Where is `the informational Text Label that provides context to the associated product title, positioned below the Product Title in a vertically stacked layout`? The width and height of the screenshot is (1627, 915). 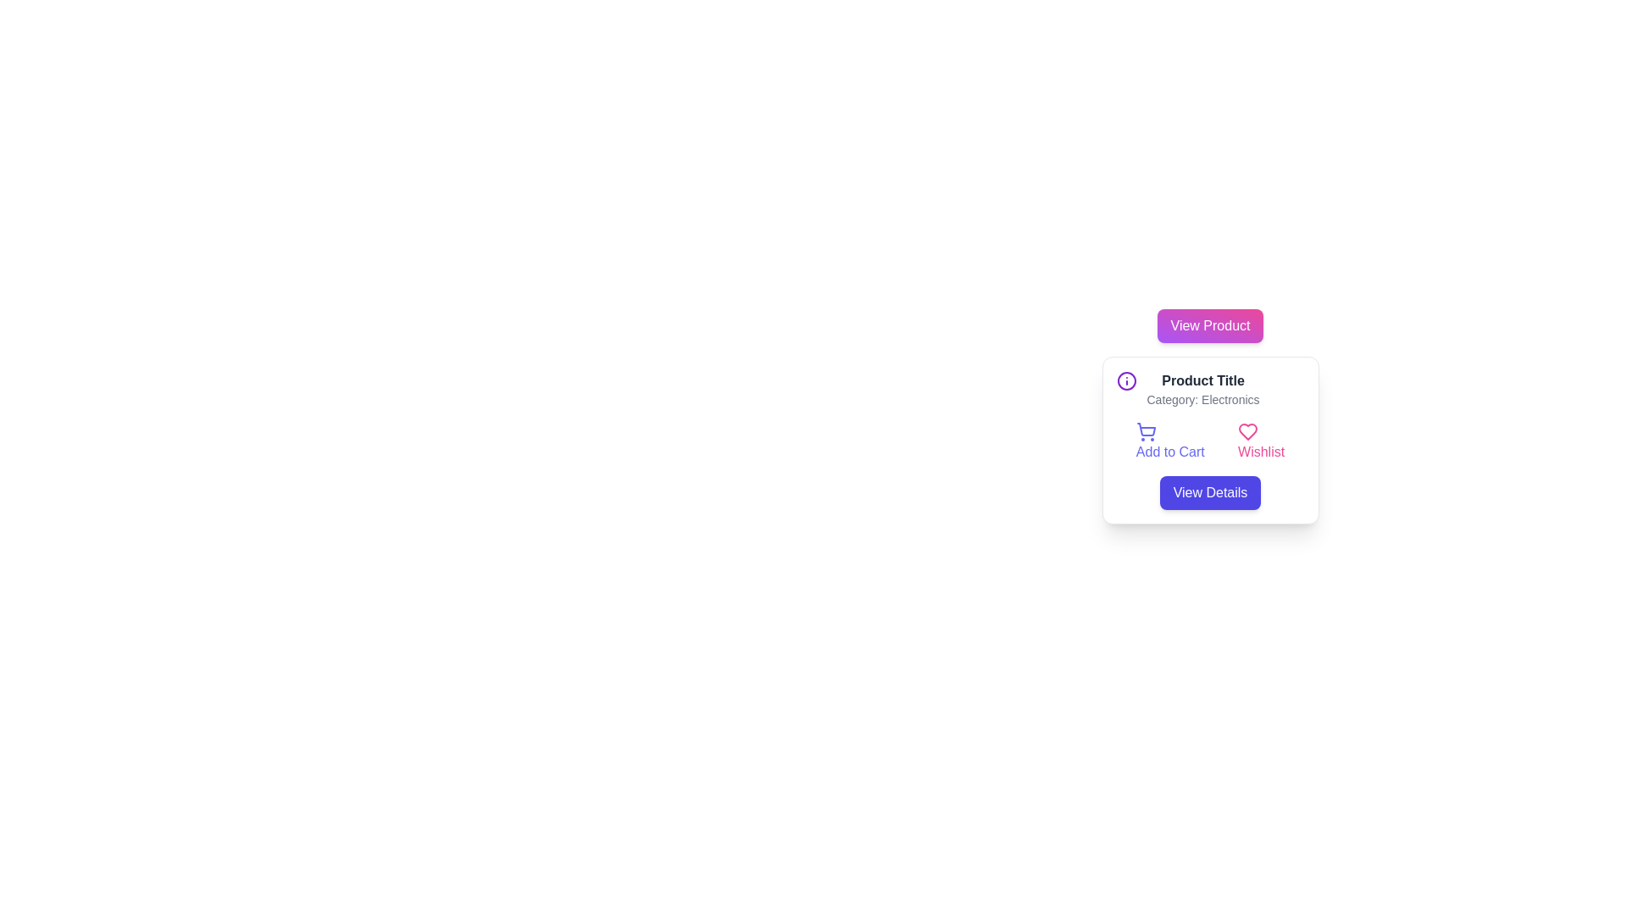
the informational Text Label that provides context to the associated product title, positioned below the Product Title in a vertically stacked layout is located at coordinates (1202, 399).